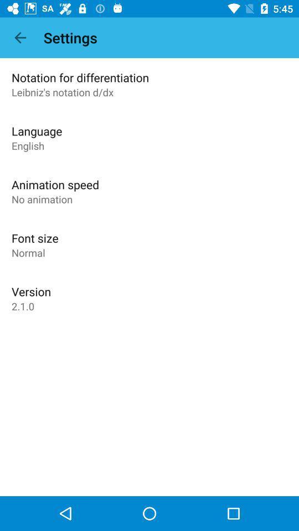 This screenshot has height=531, width=299. I want to click on icon above notation for differentiation app, so click(20, 38).